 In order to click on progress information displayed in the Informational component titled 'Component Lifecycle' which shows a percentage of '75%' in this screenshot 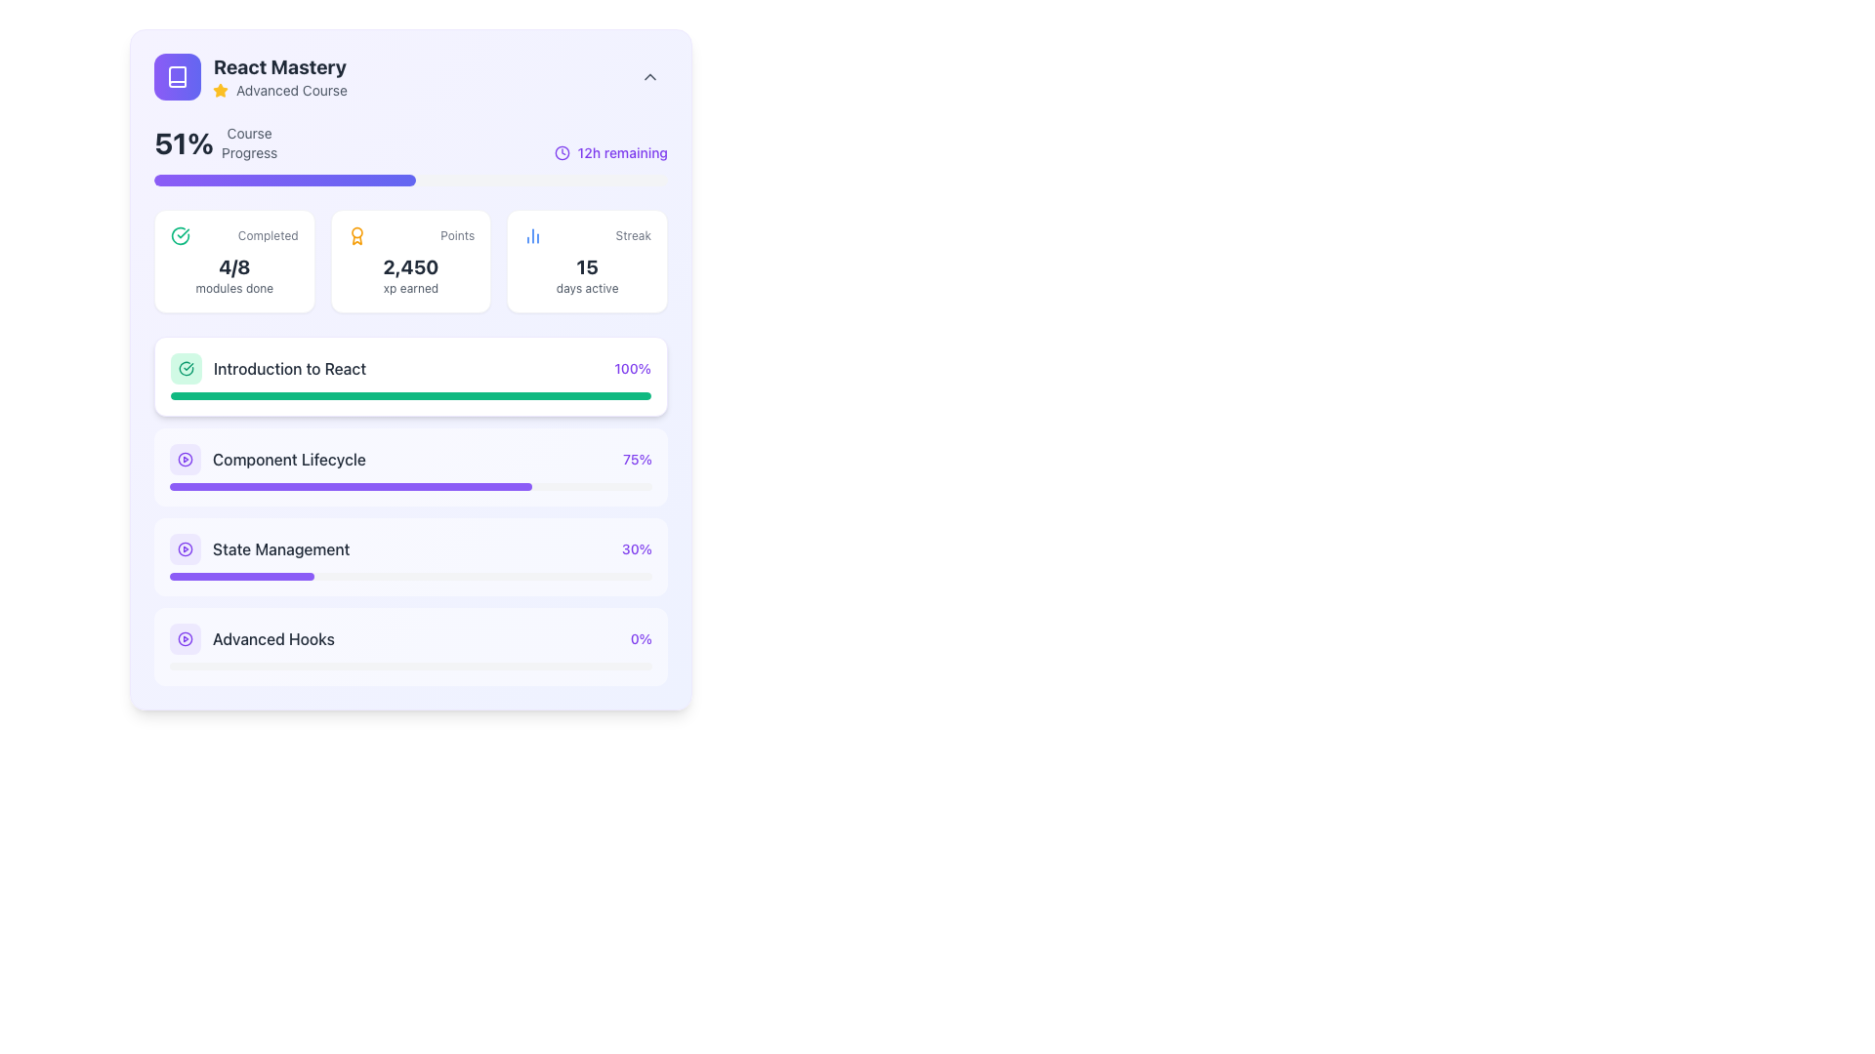, I will do `click(410, 459)`.